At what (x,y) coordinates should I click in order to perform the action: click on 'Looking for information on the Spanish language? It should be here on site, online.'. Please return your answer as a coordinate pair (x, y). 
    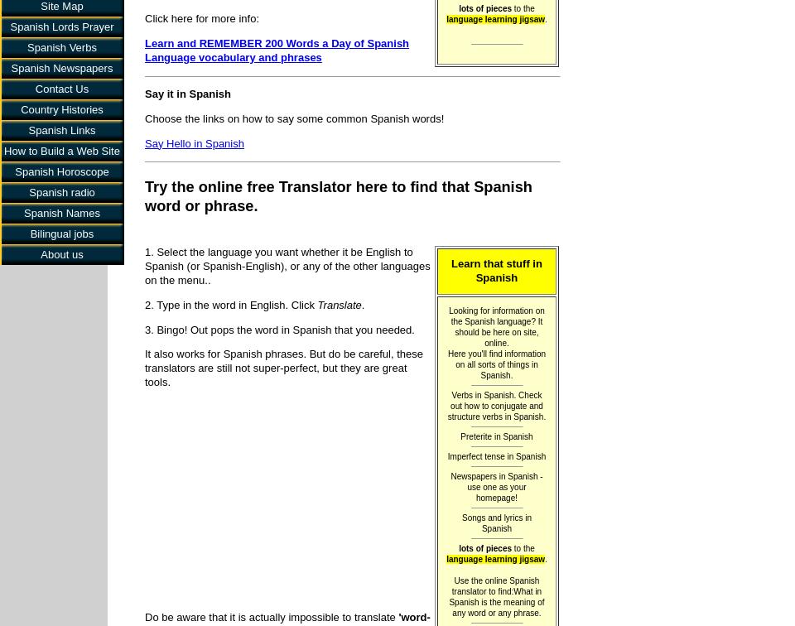
    Looking at the image, I should click on (496, 326).